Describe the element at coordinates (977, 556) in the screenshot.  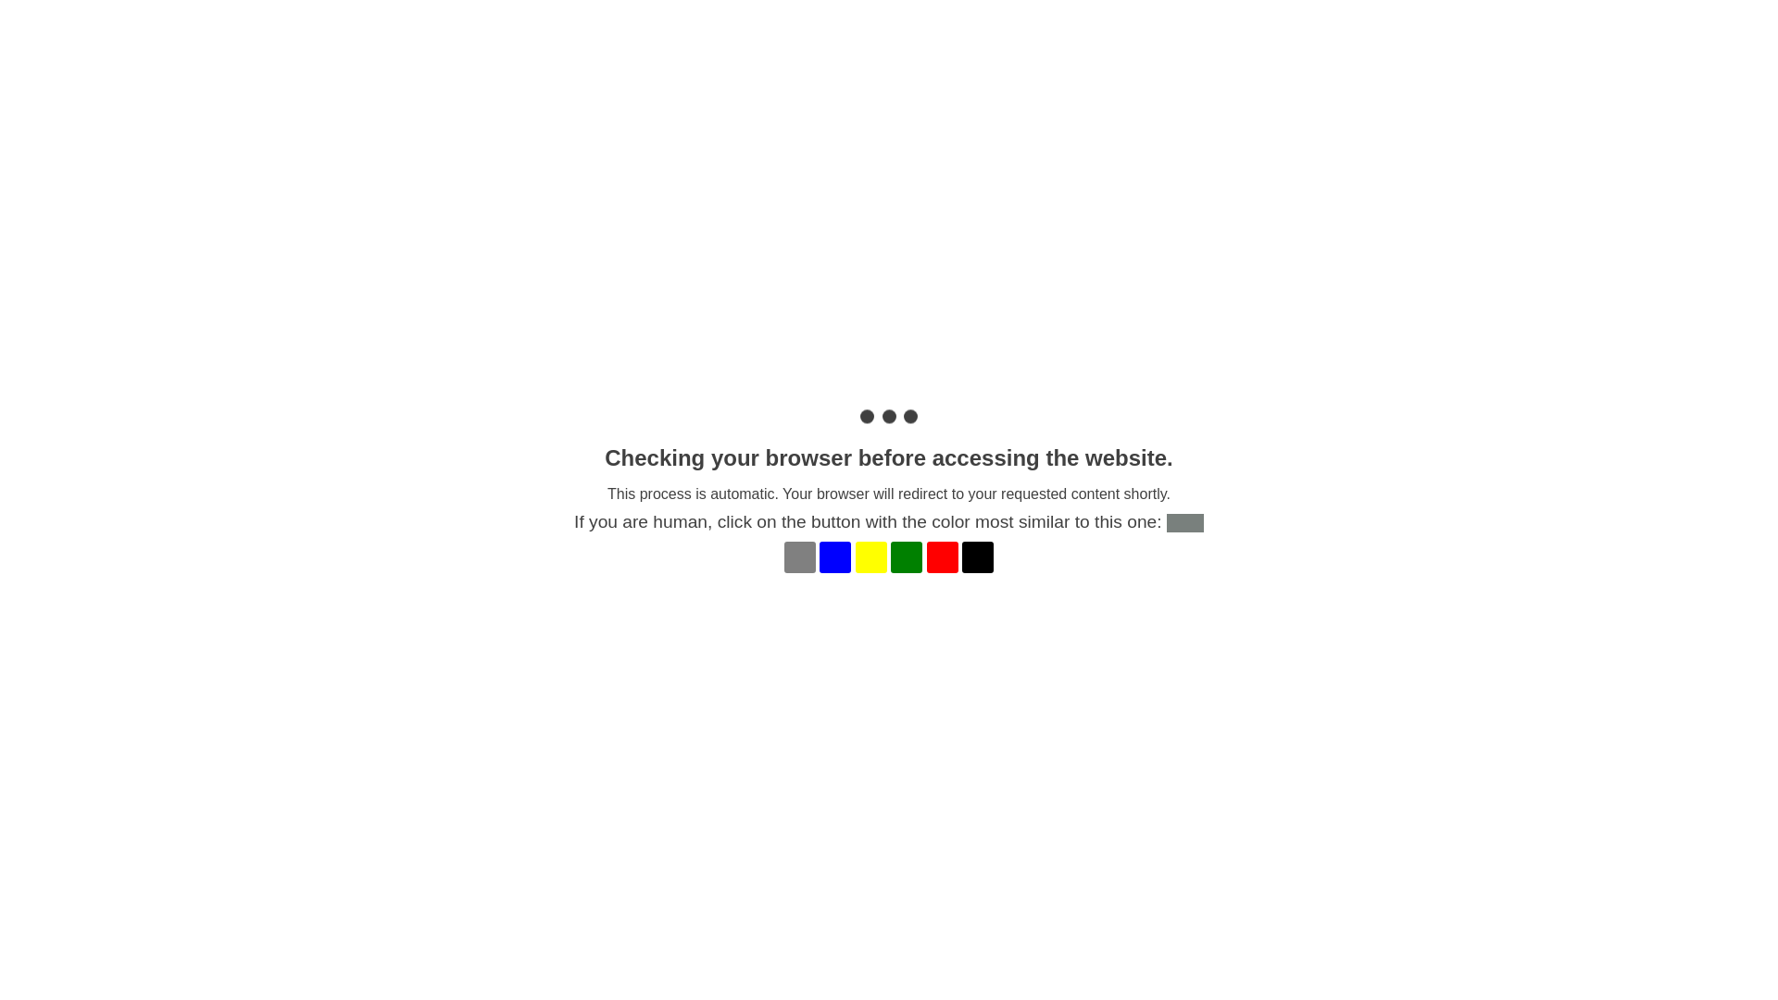
I see `'BLACK'` at that location.